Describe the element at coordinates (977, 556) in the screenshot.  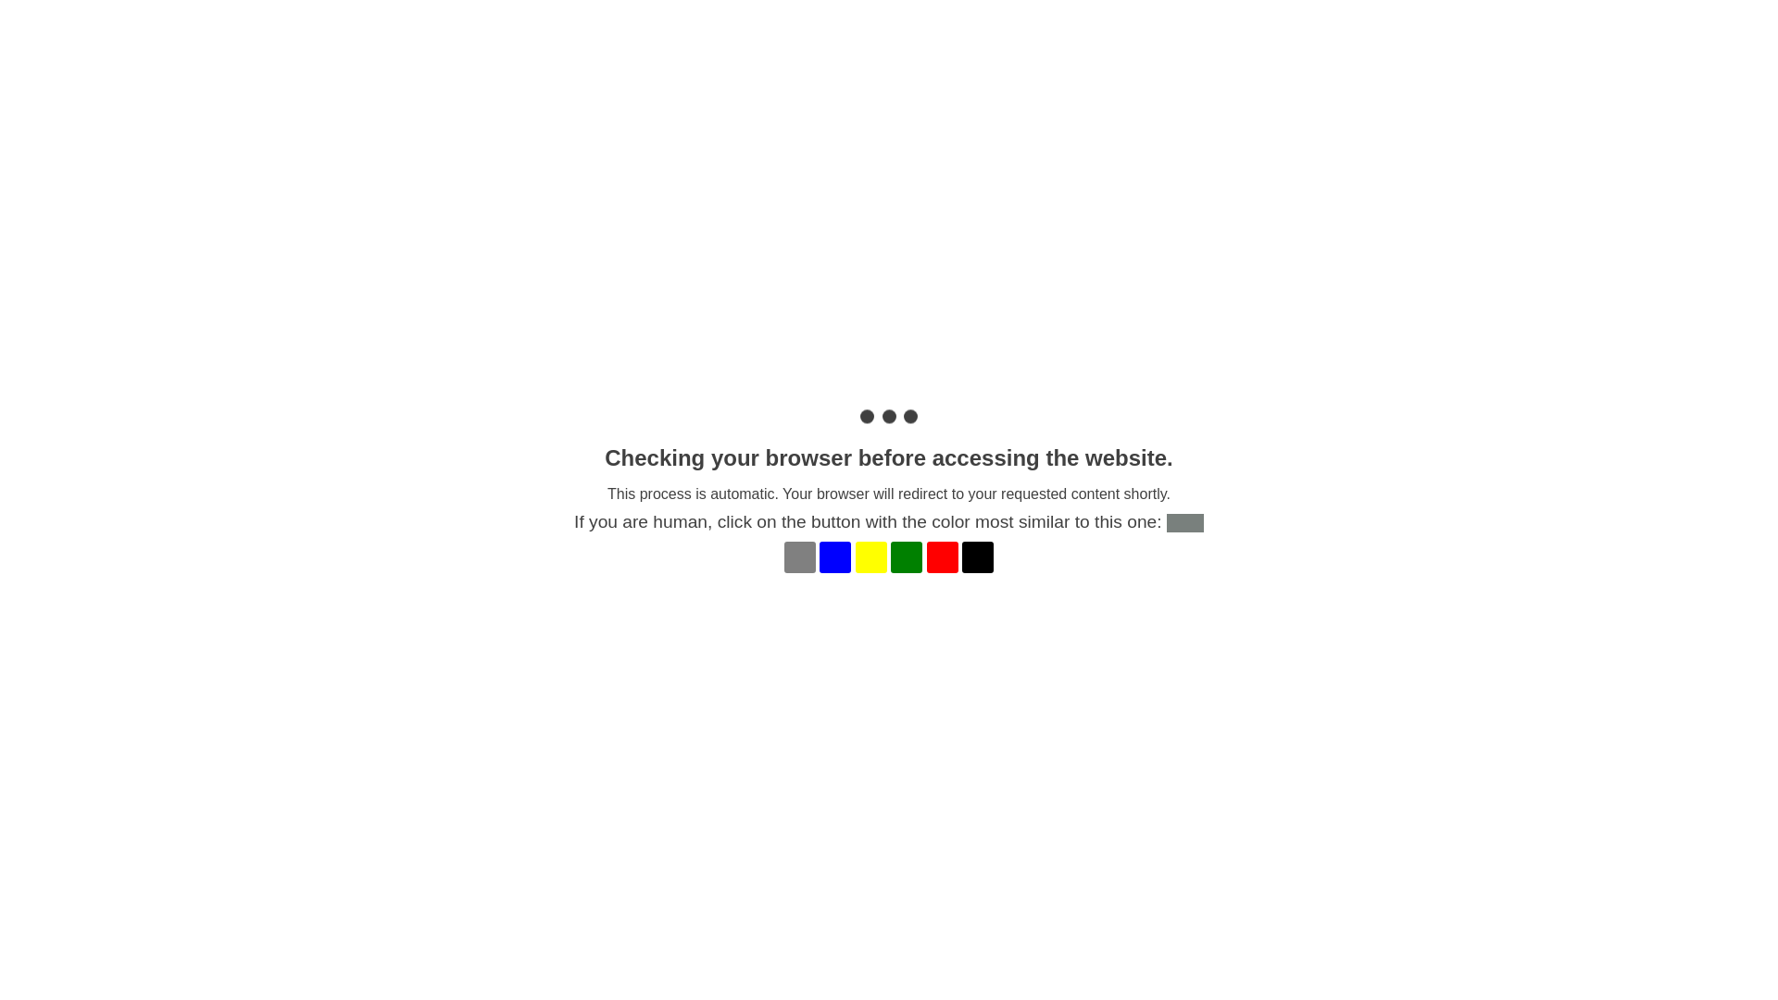
I see `'BLACK'` at that location.